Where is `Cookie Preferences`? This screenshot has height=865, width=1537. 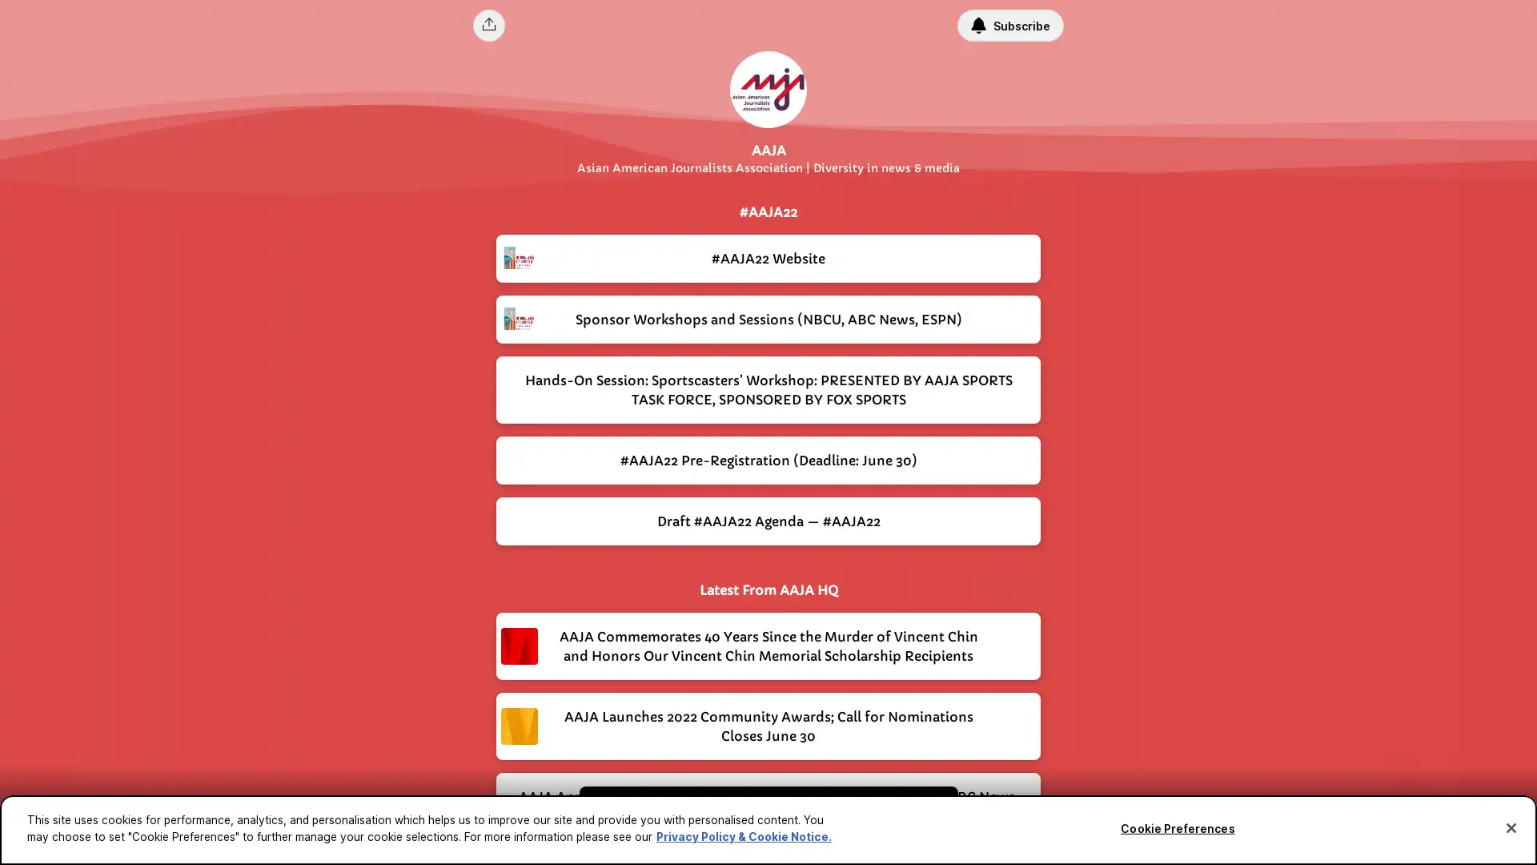
Cookie Preferences is located at coordinates (1177, 828).